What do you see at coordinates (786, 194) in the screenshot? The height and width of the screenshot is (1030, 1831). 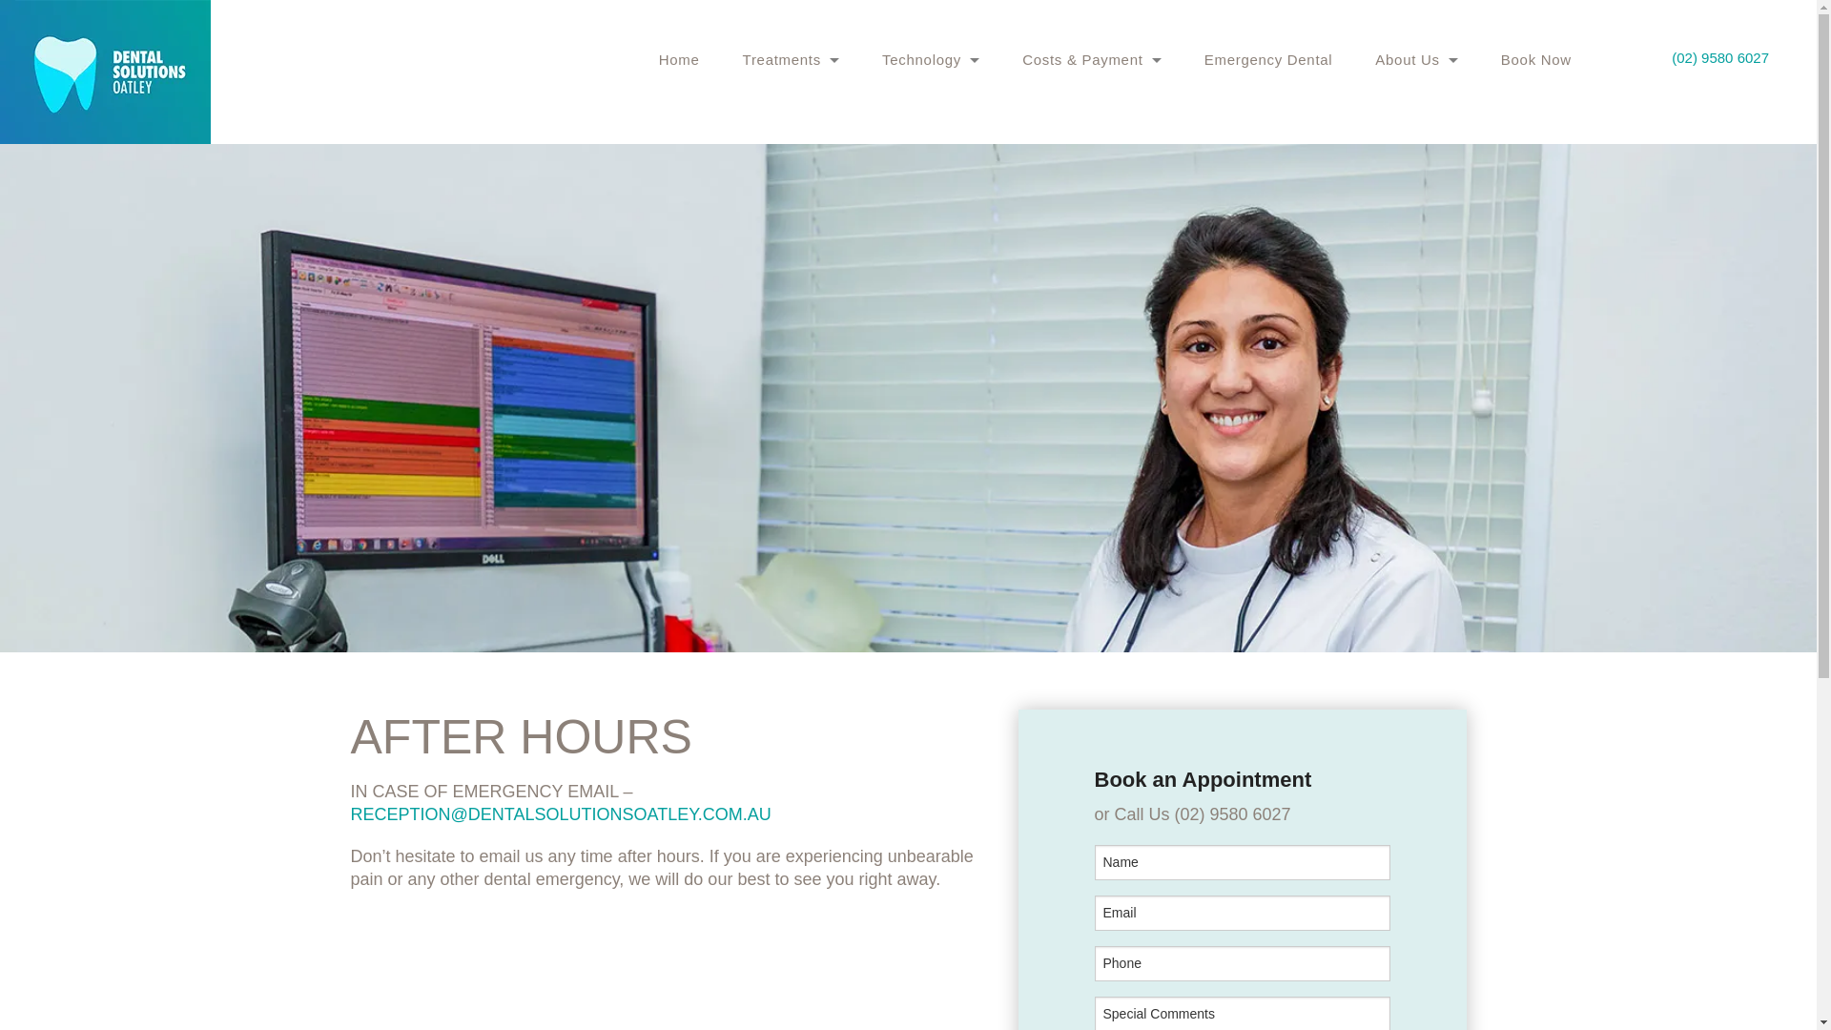 I see `'Considering an Implant?'` at bounding box center [786, 194].